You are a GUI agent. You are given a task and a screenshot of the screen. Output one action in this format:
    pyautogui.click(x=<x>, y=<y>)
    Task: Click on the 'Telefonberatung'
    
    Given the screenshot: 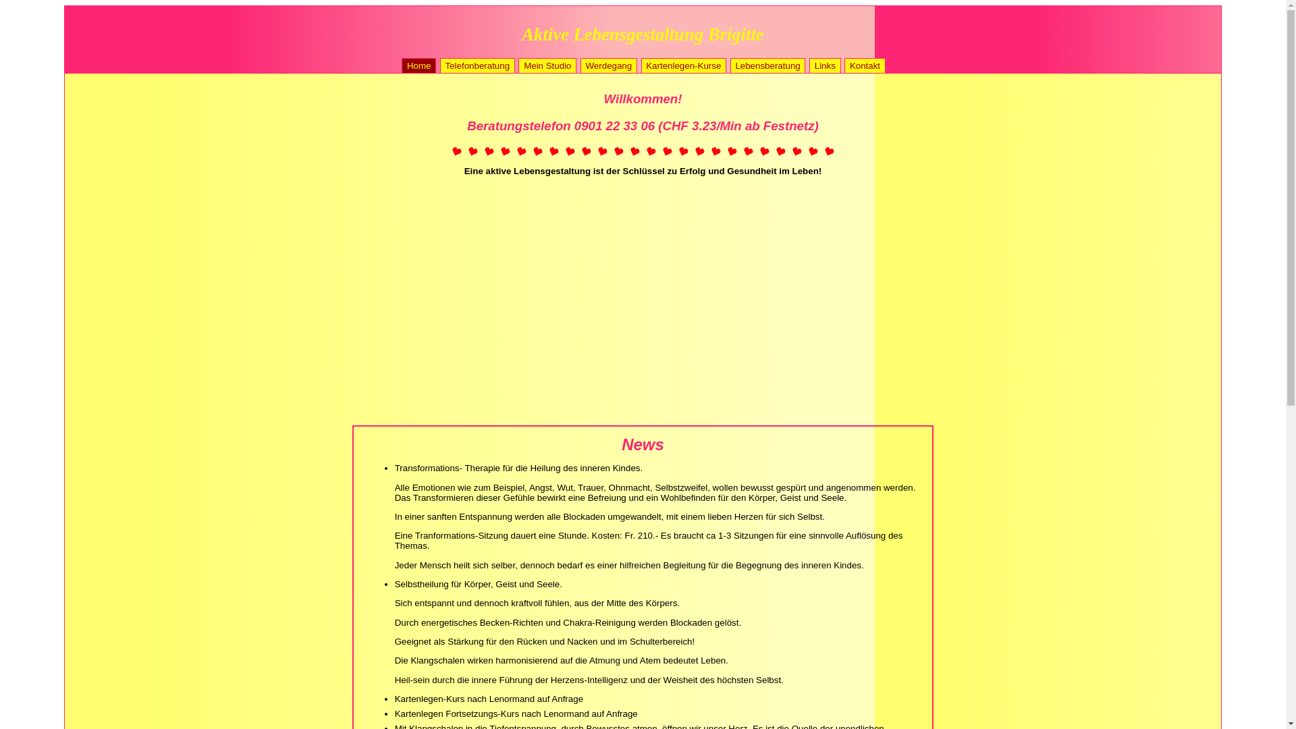 What is the action you would take?
    pyautogui.click(x=477, y=65)
    